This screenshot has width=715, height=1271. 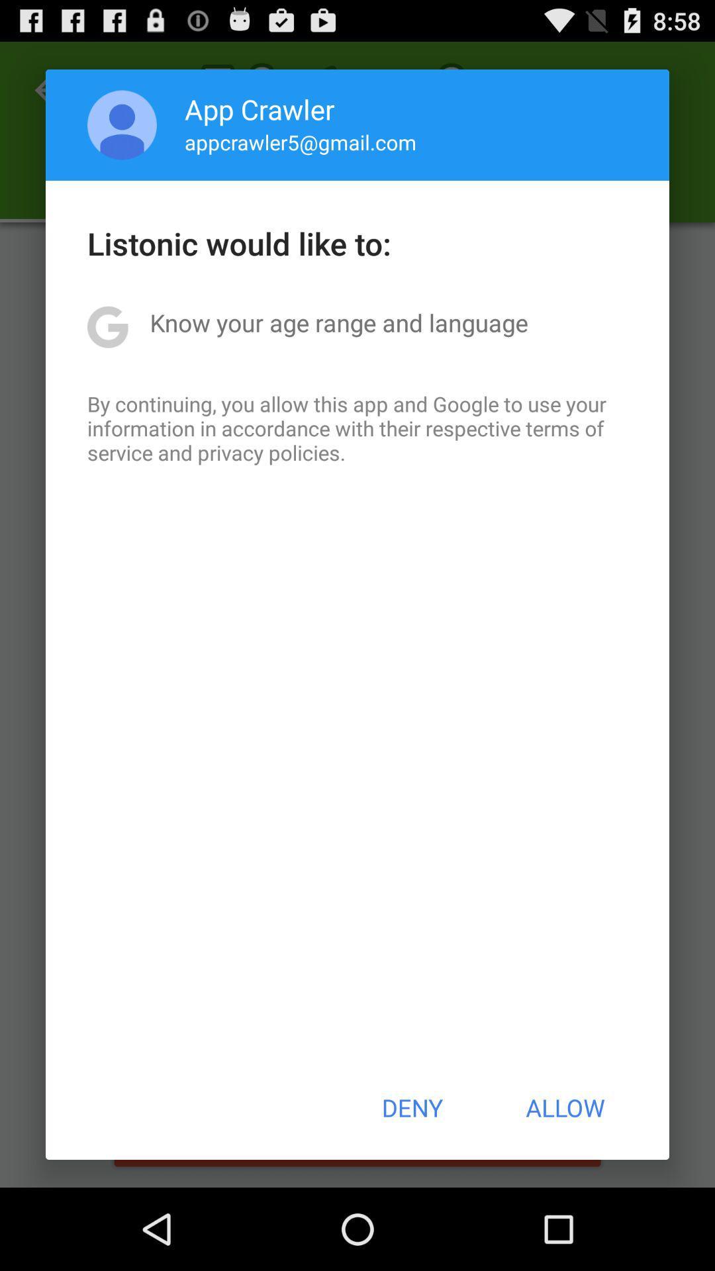 What do you see at coordinates (411, 1107) in the screenshot?
I see `the icon to the left of the allow` at bounding box center [411, 1107].